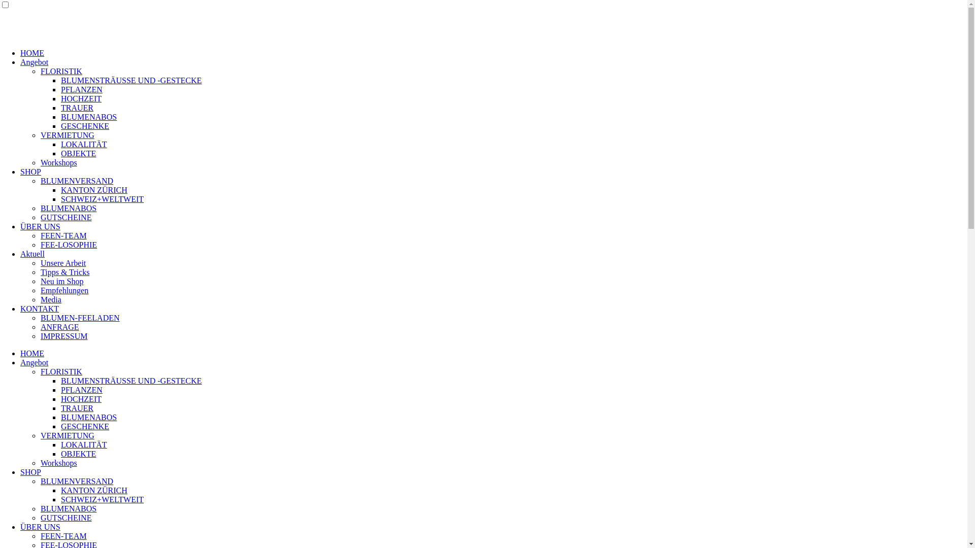 The image size is (975, 548). Describe the element at coordinates (80, 98) in the screenshot. I see `'HOCHZEIT'` at that location.